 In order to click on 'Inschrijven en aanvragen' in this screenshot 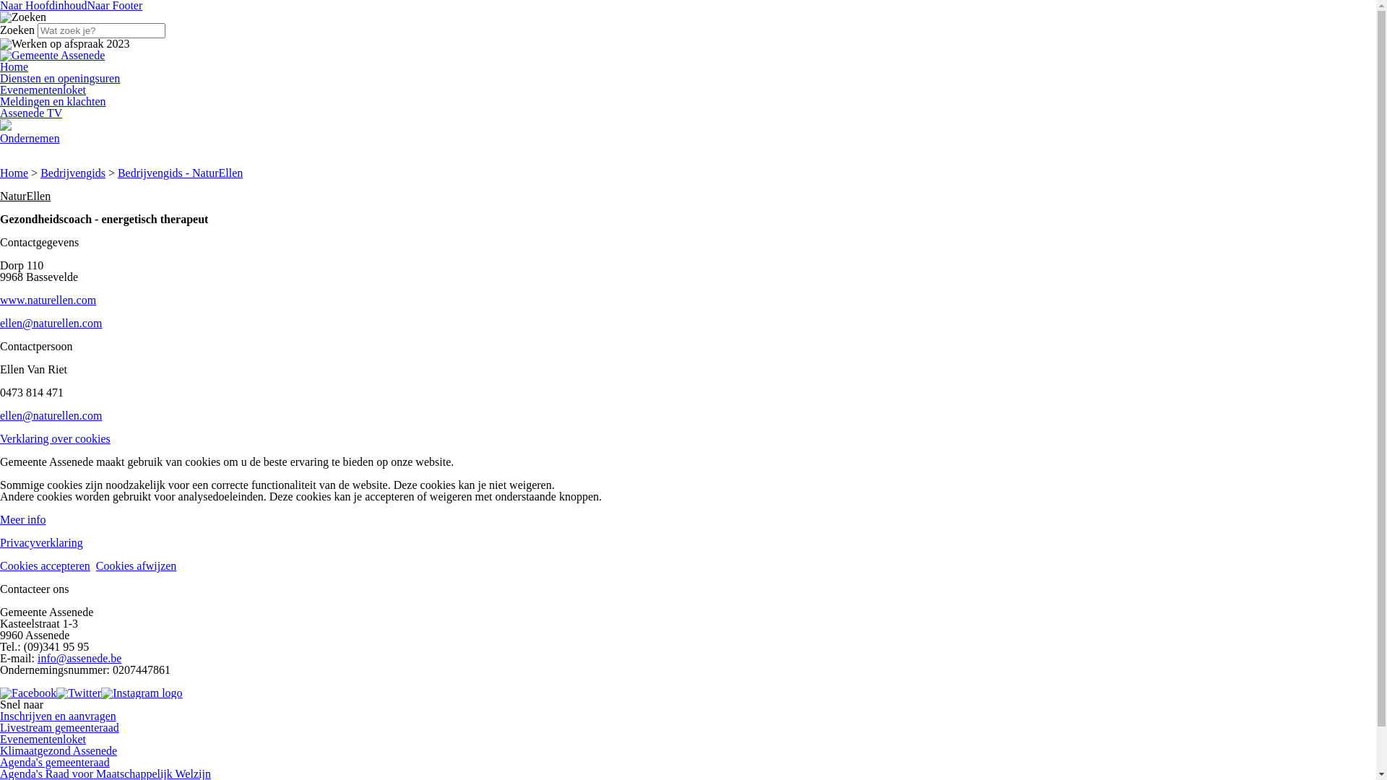, I will do `click(0, 716)`.